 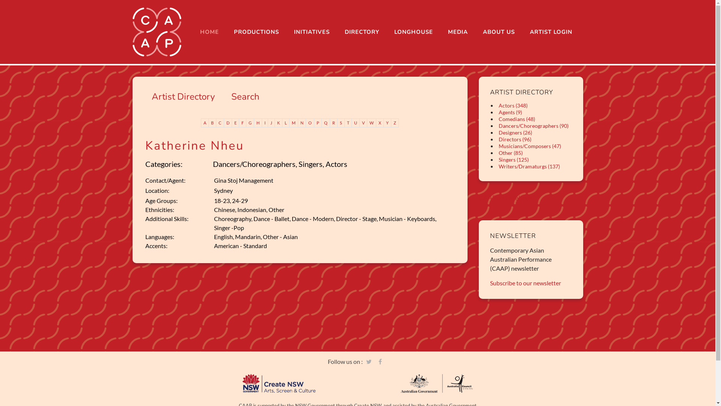 What do you see at coordinates (515, 132) in the screenshot?
I see `'Designers (26)'` at bounding box center [515, 132].